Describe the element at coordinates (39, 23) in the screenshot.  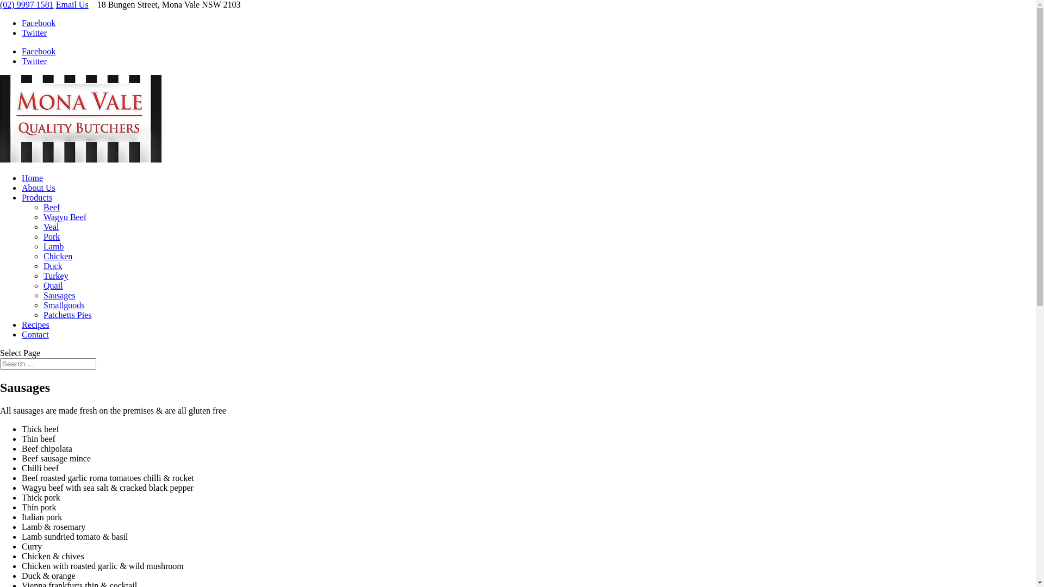
I see `'Facebook'` at that location.